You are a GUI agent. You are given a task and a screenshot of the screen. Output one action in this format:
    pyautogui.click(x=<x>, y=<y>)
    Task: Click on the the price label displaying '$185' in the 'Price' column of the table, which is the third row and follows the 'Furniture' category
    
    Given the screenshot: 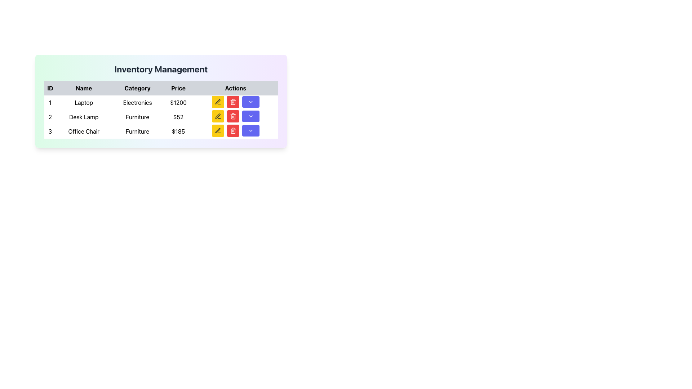 What is the action you would take?
    pyautogui.click(x=178, y=131)
    